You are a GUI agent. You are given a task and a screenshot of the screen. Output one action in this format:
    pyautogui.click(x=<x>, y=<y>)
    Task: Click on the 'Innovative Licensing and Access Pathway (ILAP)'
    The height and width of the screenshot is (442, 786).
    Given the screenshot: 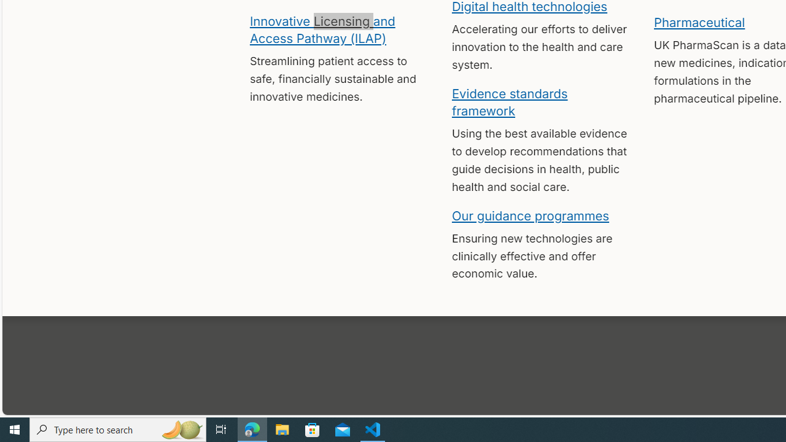 What is the action you would take?
    pyautogui.click(x=322, y=28)
    